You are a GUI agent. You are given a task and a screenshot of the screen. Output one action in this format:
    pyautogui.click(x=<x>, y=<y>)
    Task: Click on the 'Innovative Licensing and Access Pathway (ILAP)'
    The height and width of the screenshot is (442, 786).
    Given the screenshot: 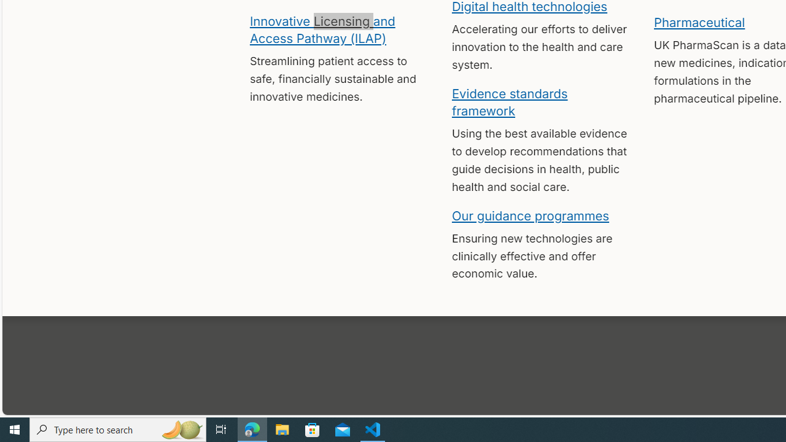 What is the action you would take?
    pyautogui.click(x=322, y=28)
    